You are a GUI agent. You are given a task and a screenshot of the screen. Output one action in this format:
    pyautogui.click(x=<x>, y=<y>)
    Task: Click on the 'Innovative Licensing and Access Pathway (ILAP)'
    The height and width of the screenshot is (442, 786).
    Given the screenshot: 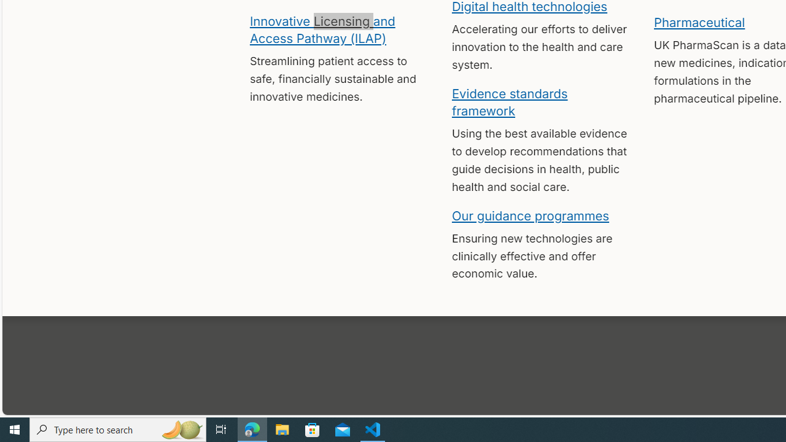 What is the action you would take?
    pyautogui.click(x=322, y=28)
    